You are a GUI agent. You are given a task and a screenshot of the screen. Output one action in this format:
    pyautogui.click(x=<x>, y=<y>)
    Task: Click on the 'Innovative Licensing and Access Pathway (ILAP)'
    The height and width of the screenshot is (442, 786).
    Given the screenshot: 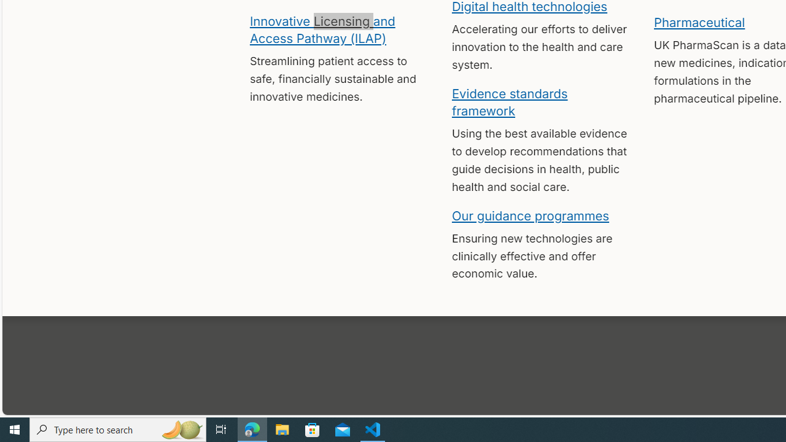 What is the action you would take?
    pyautogui.click(x=322, y=28)
    